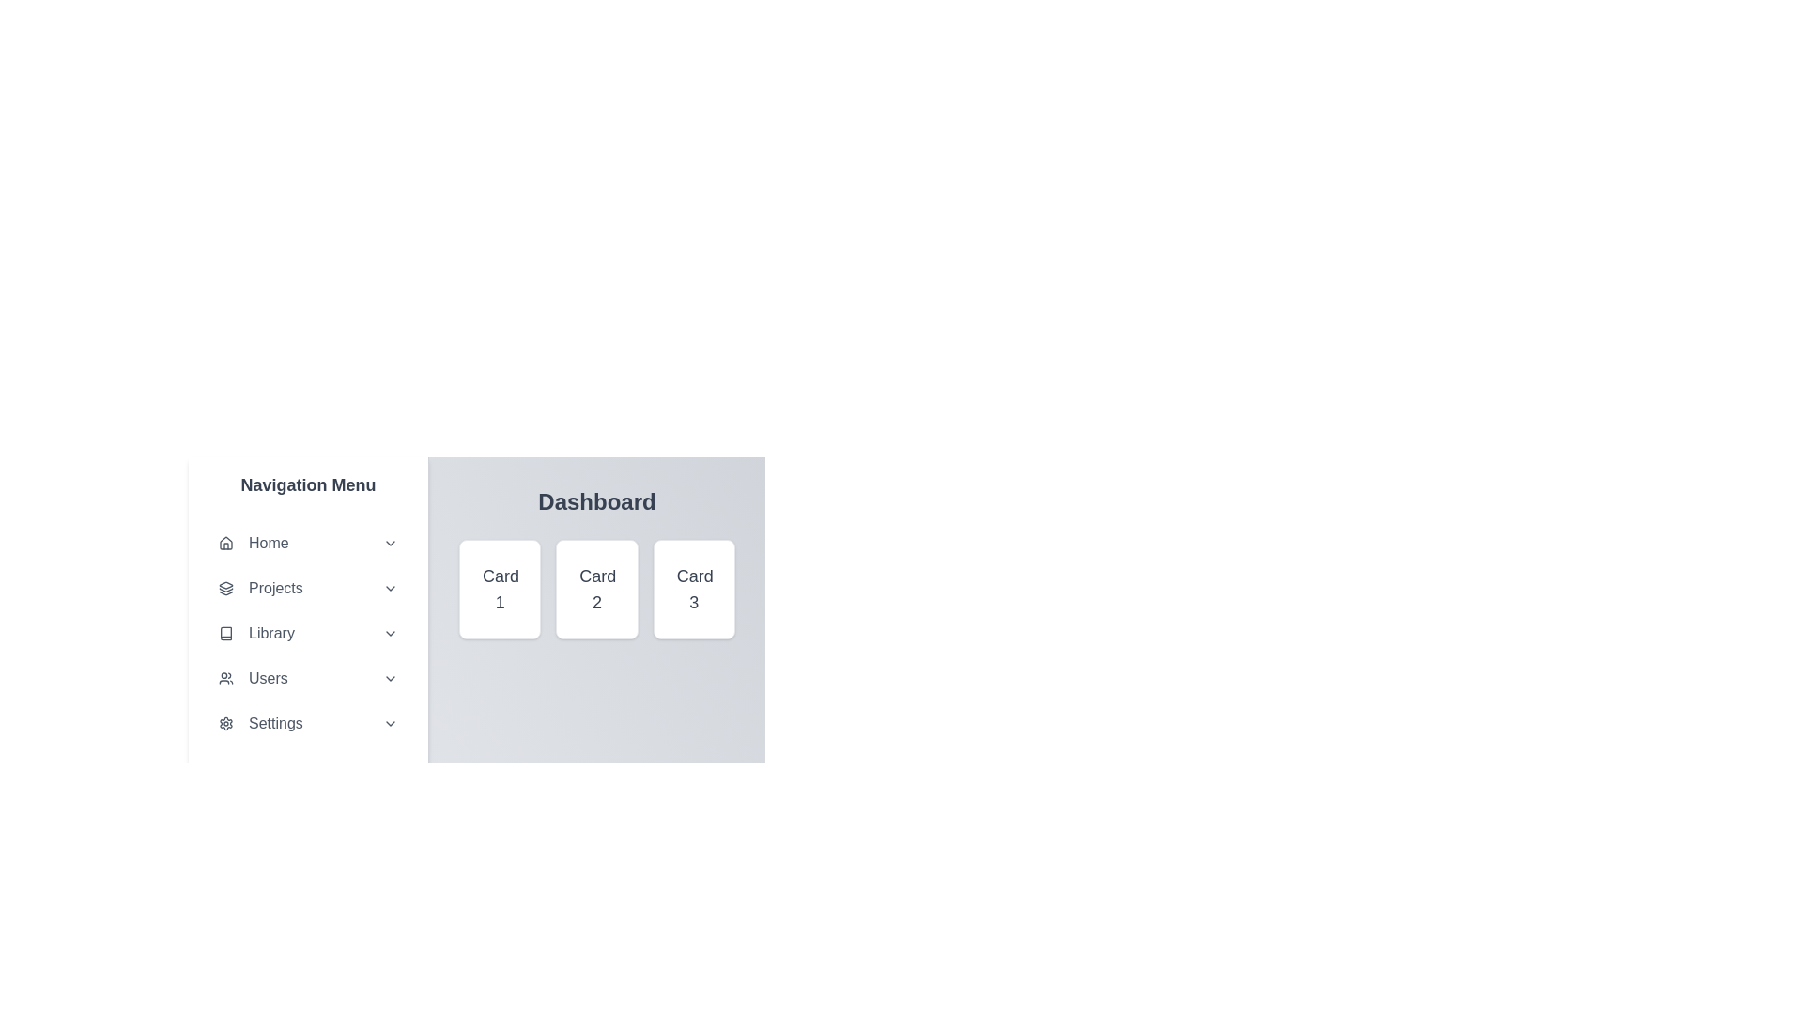  I want to click on the small circular gear-shaped icon representing the settings option in the navigation menu to trigger a tooltip or visual effect, so click(225, 723).